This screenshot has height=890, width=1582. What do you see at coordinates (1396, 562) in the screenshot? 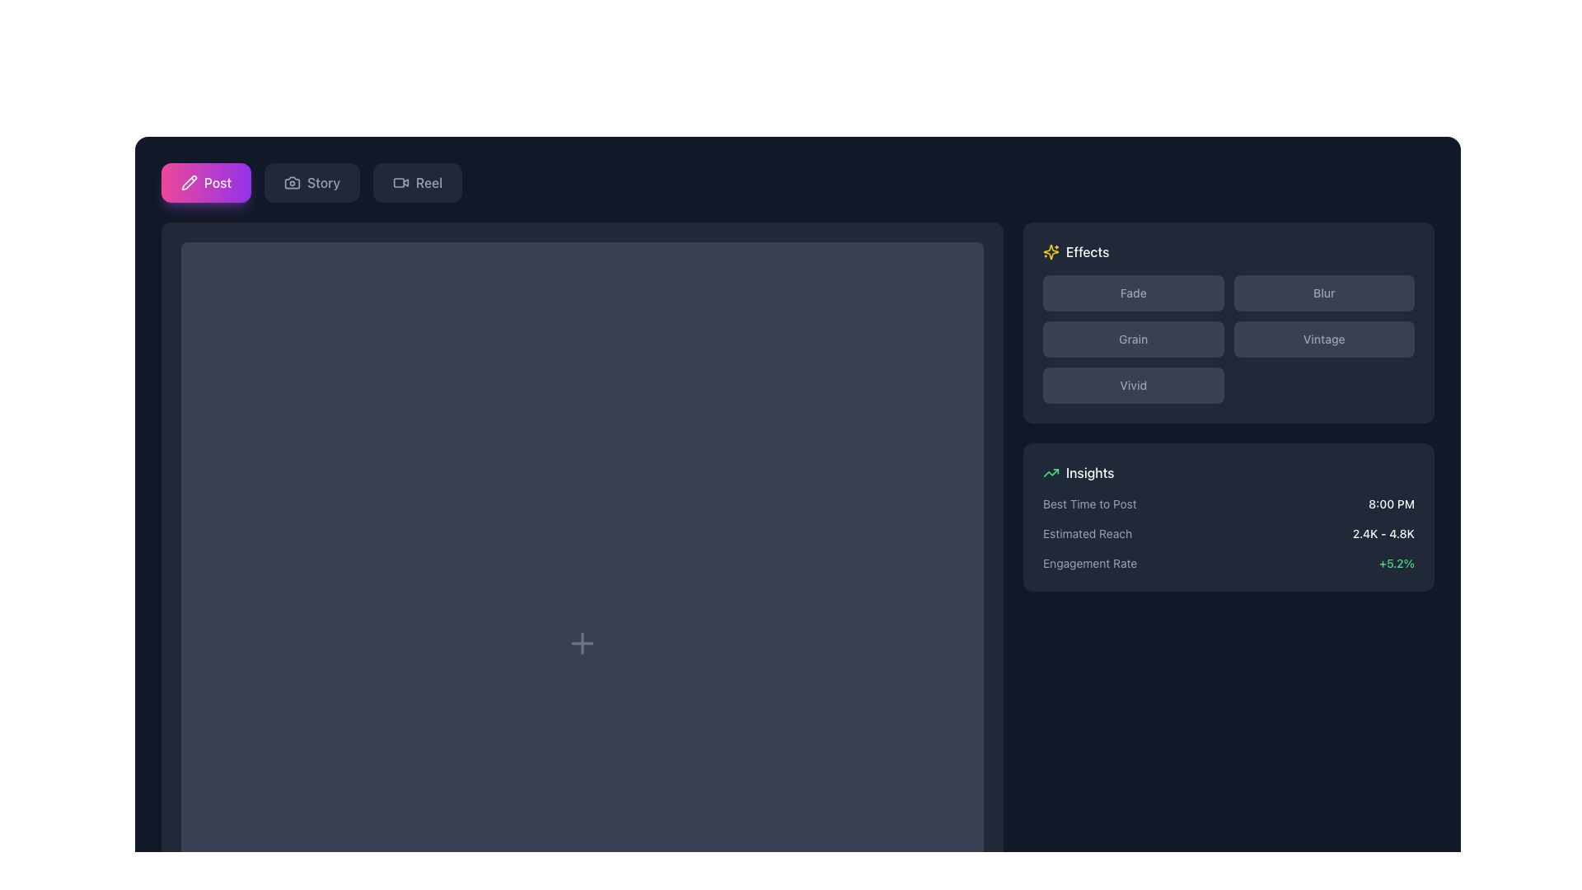
I see `the text label indicating the percentage increase associated with the engagement rate metric located on the right side of the 'Engagement Rate' label in the 'Insights' section` at bounding box center [1396, 562].